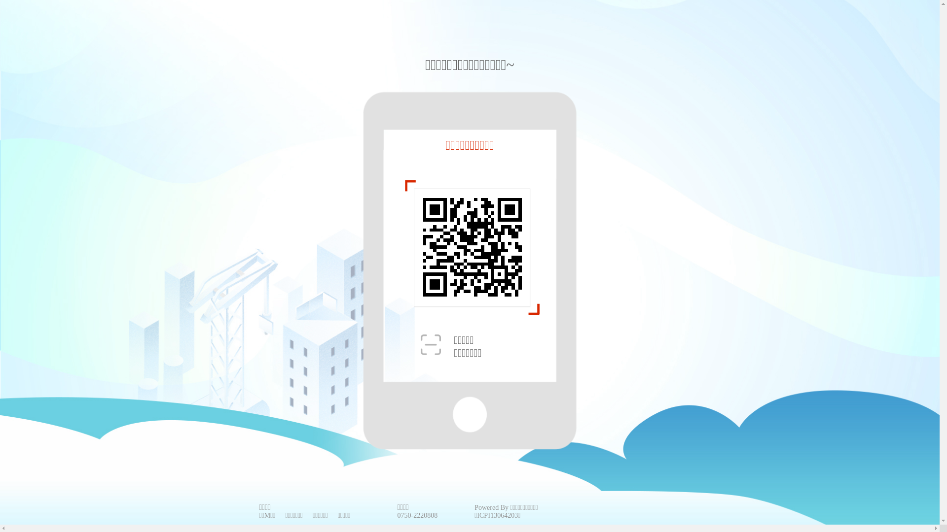  I want to click on 'http://www.cche.cc', so click(472, 246).